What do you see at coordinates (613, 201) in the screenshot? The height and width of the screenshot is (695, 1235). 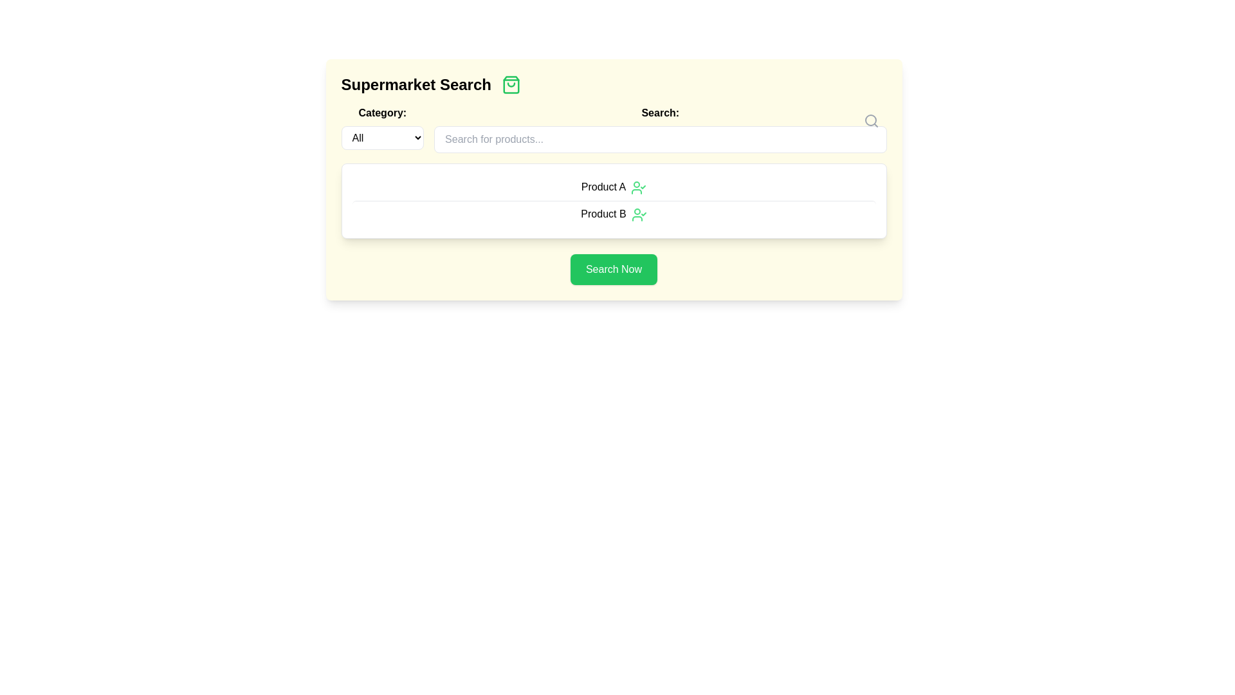 I see `on the product name in the centrally located List or Menu Section that displays 'Product A' and 'Product B' for possible actions` at bounding box center [613, 201].